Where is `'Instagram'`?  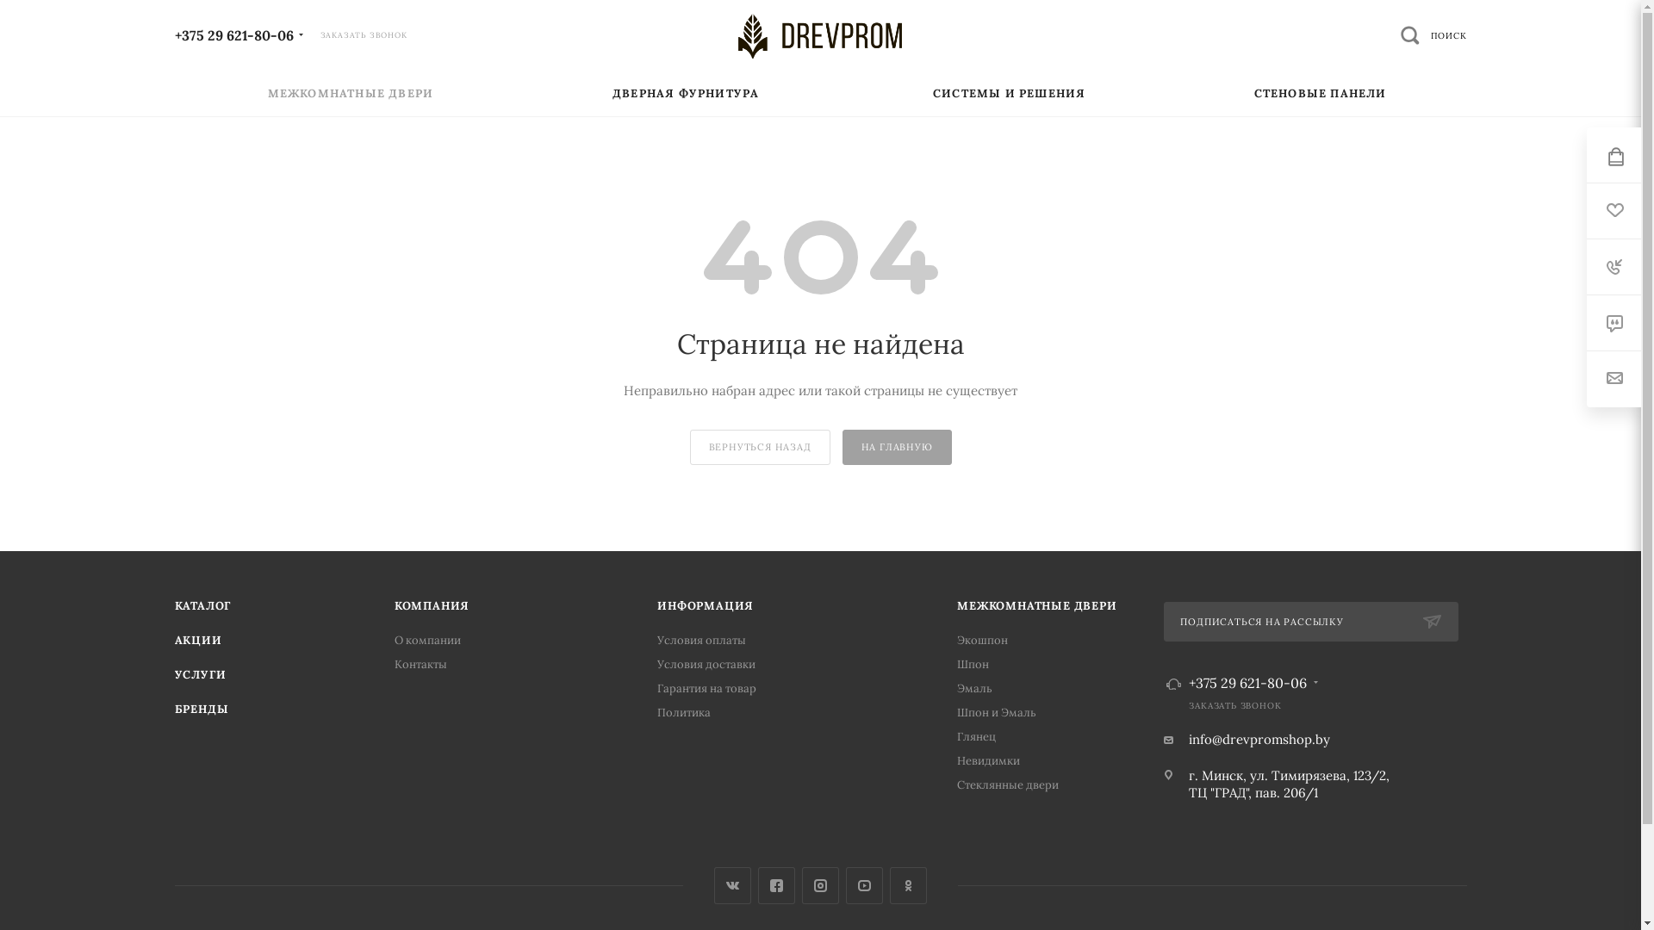
'Instagram' is located at coordinates (801, 885).